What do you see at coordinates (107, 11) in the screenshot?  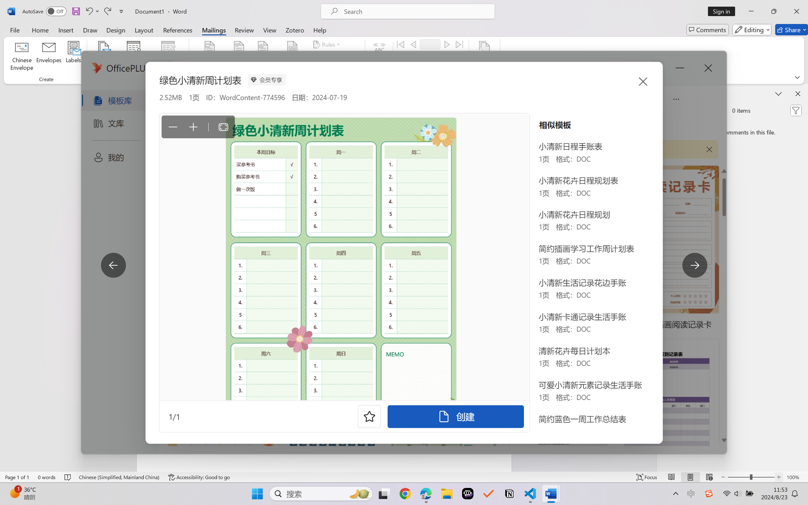 I see `'Redo Apply Quick Style'` at bounding box center [107, 11].